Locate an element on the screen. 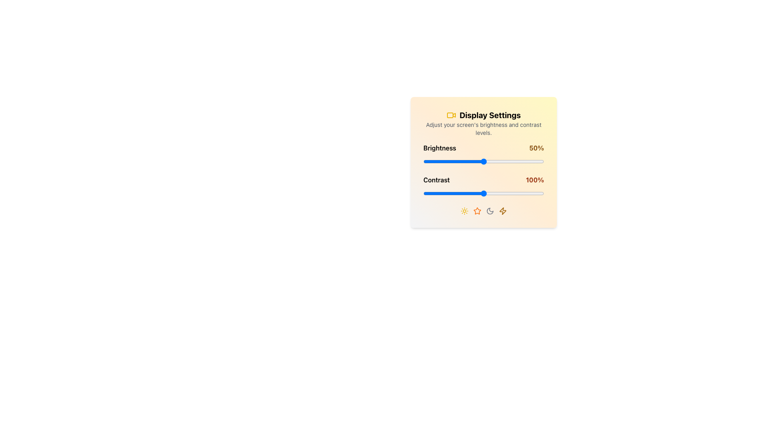 The height and width of the screenshot is (431, 767). the SVG rectangle element that visually represents display or video settings, located near the 'Display Settings' title at the top left of the interface is located at coordinates (450, 115).